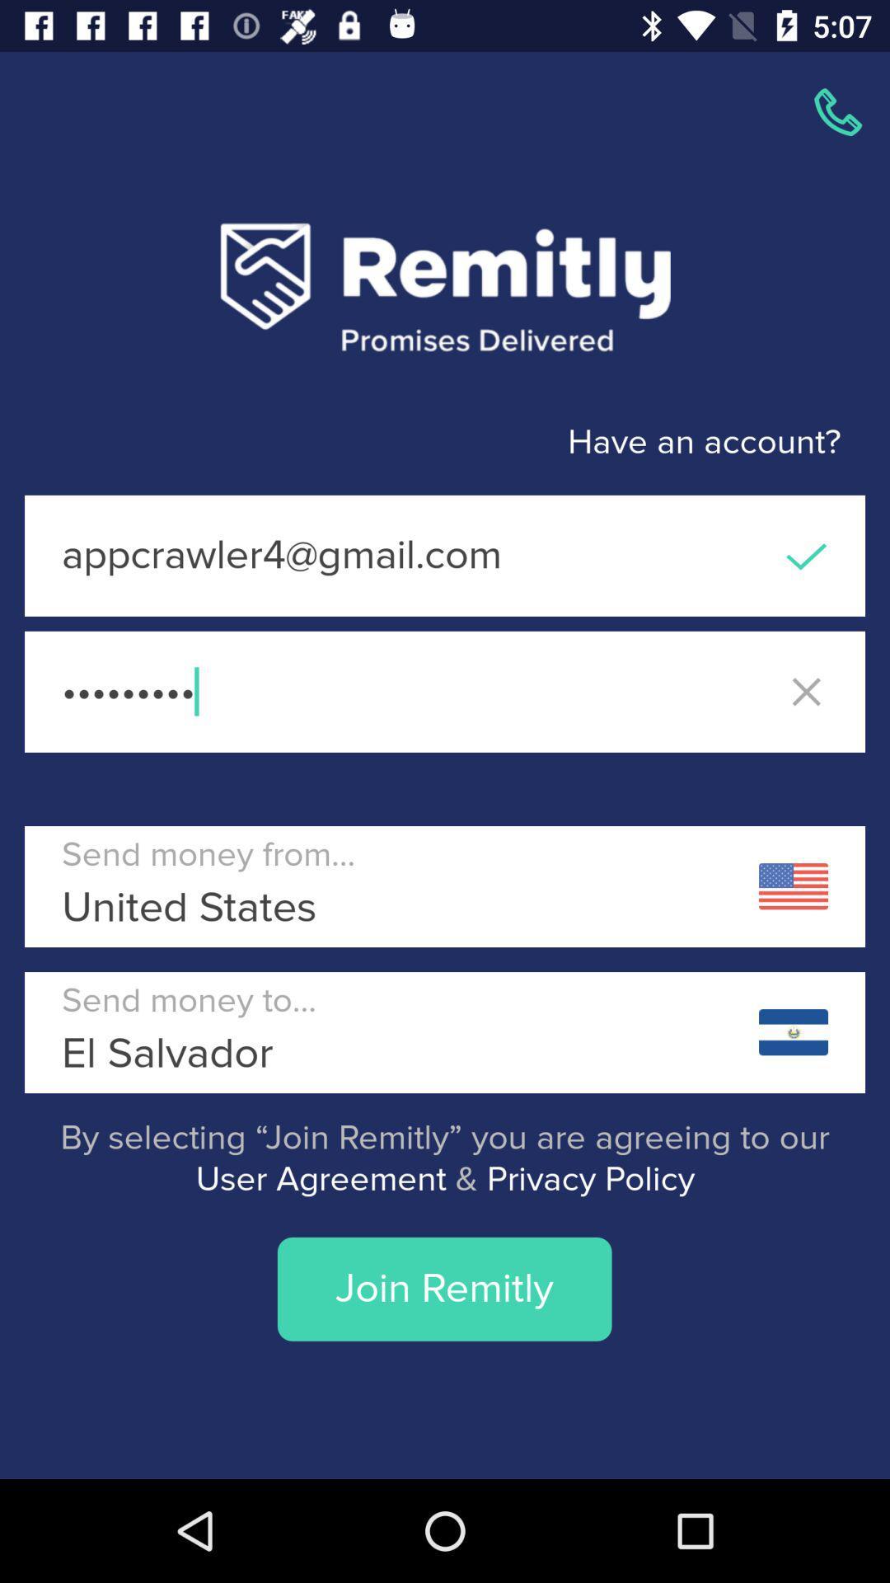 This screenshot has height=1583, width=890. I want to click on the crowd3116 item, so click(445, 692).